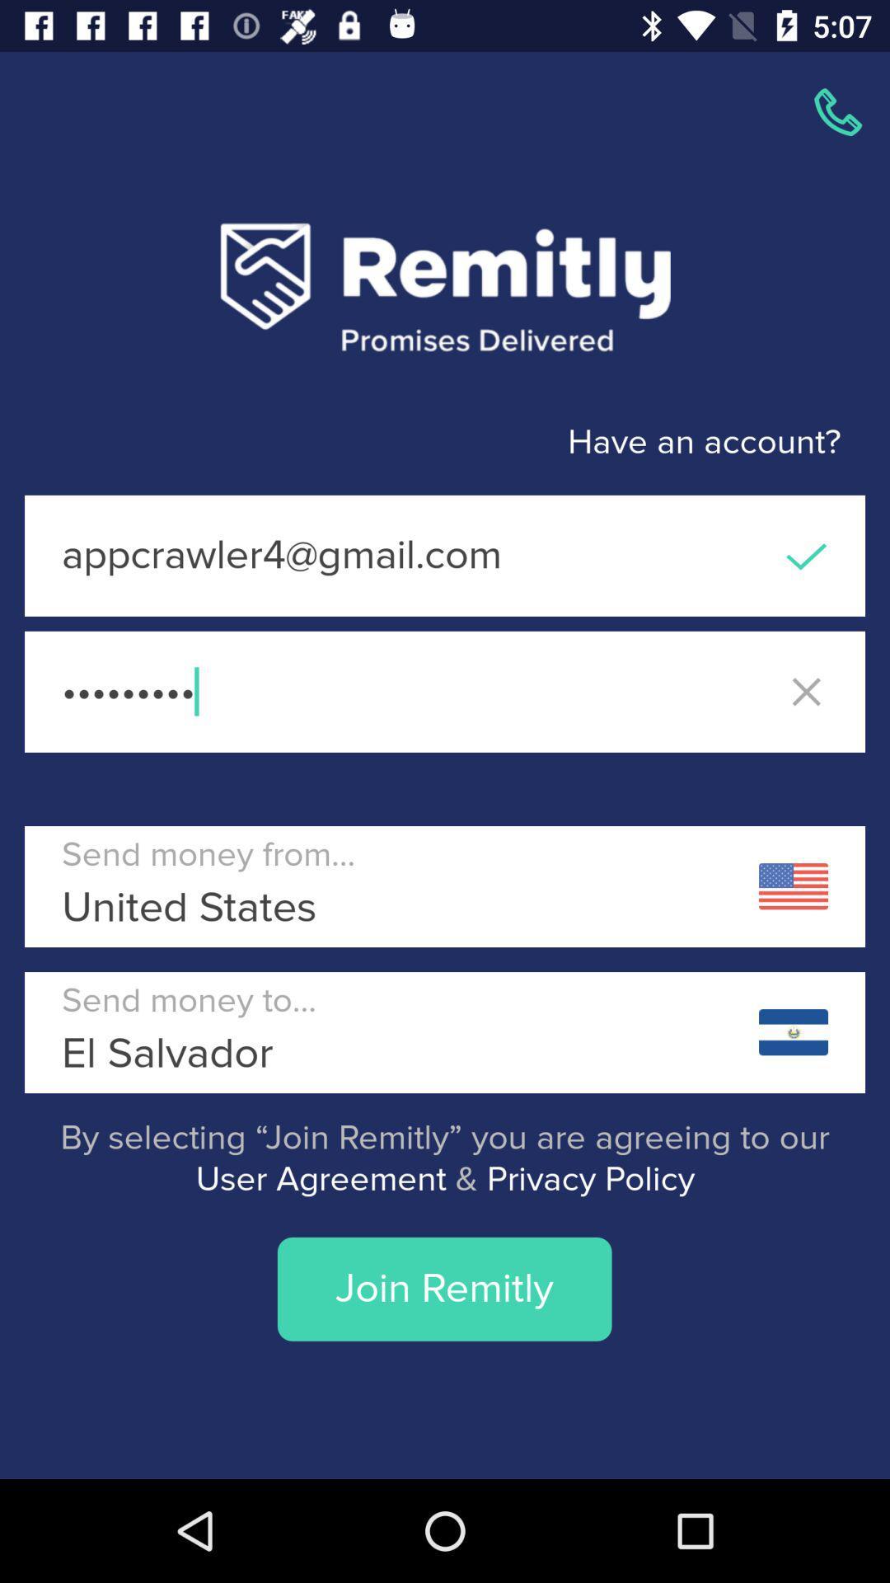 This screenshot has height=1583, width=890. I want to click on the crowd3116 item, so click(445, 692).